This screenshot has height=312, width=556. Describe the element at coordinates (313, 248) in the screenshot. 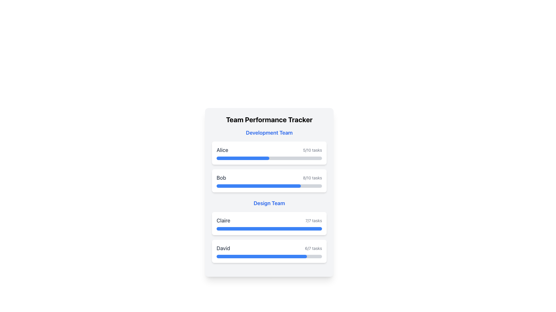

I see `the text label displaying '6/7 tasks' in light gray color, located on the right side of the 'David' name within the 'Design Team' section of the performance tracker interface` at that location.